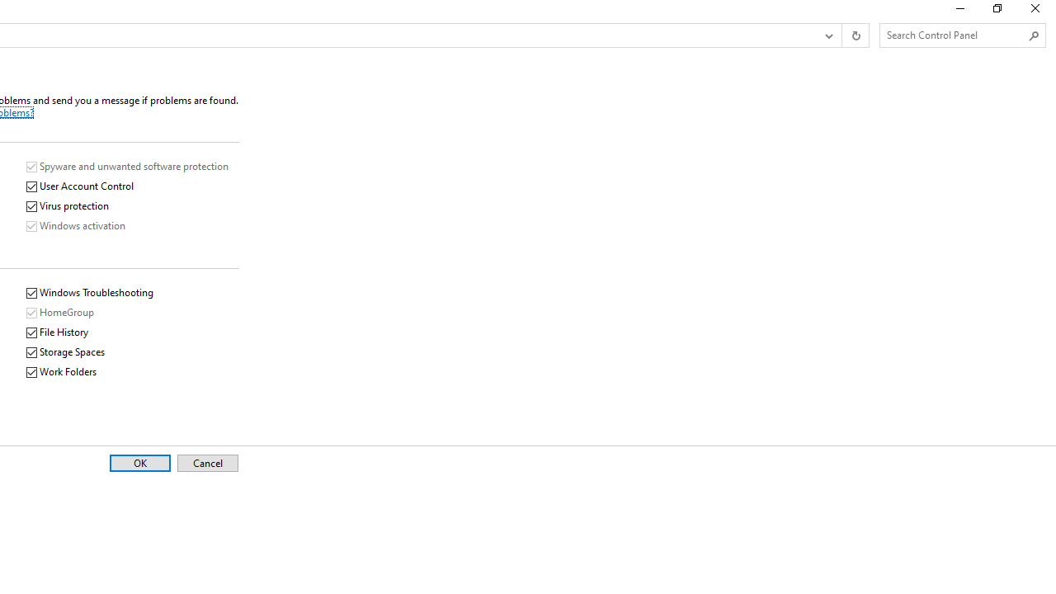  Describe the element at coordinates (62, 372) in the screenshot. I see `'Work Folders'` at that location.